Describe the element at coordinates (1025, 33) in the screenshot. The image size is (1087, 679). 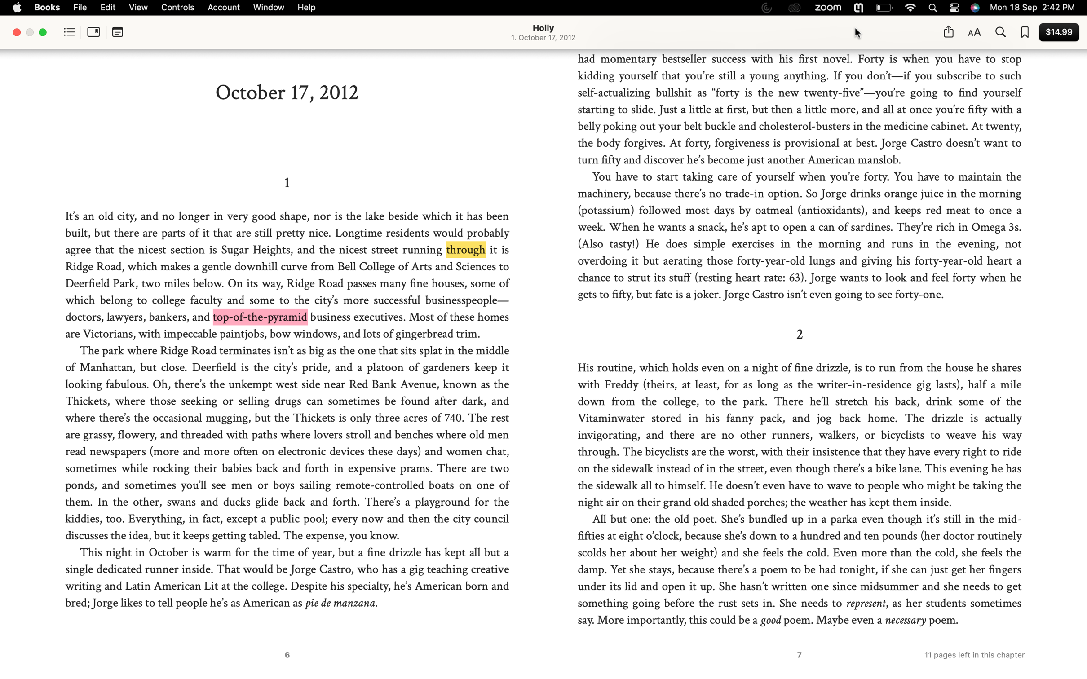
I see `Bookmark the current page and see all bookmarks` at that location.